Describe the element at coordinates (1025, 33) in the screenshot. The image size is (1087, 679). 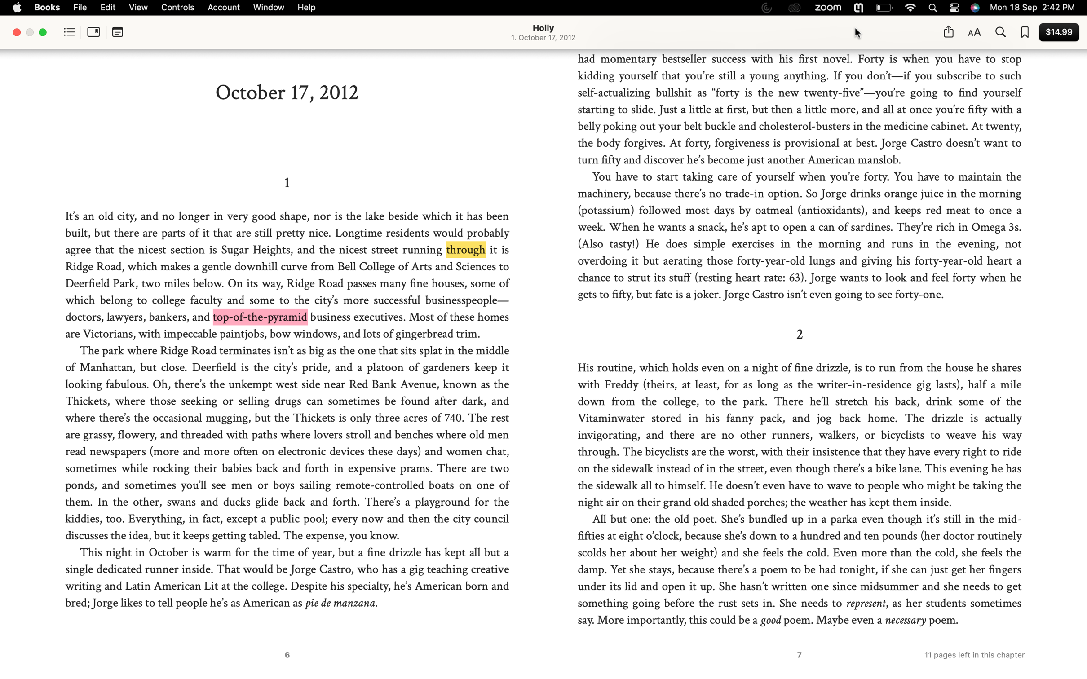
I see `Bookmark the current page and see all bookmarks` at that location.